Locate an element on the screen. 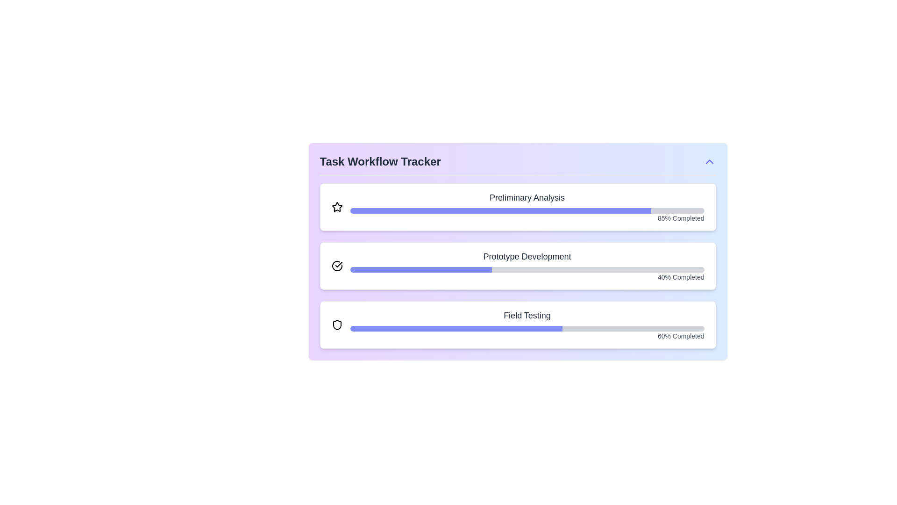 Image resolution: width=897 pixels, height=505 pixels. the horizontal progress bar with a rounded gray background and an indigo fill indicating 85% completion, located under the 'Preliminary Analysis' section is located at coordinates (527, 211).